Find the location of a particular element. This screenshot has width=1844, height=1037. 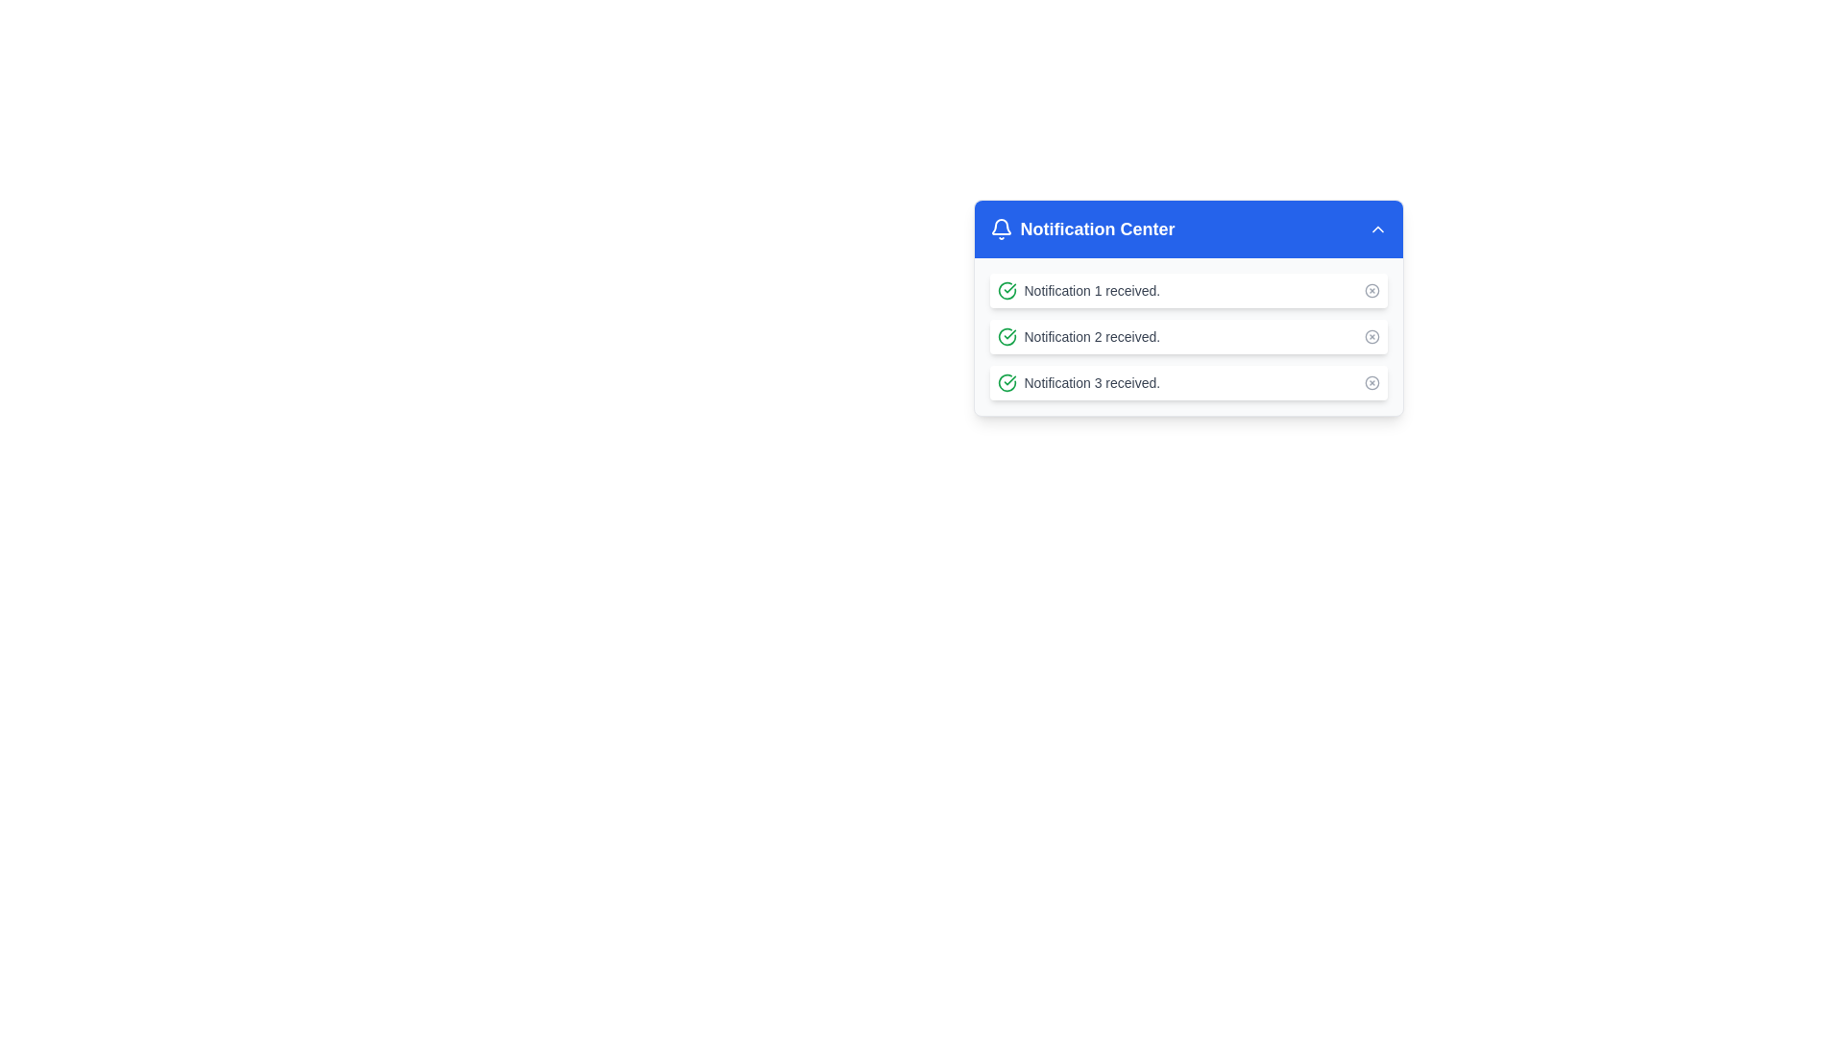

the dismiss button located at the far right of the 'Notification 2 received.' item in the notification panel is located at coordinates (1371, 336).